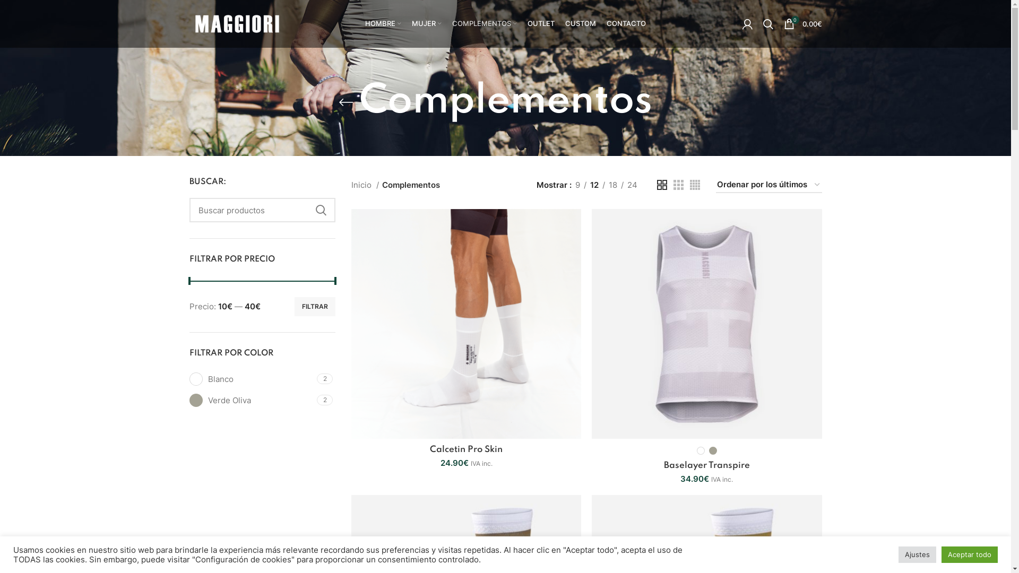 This screenshot has width=1019, height=573. Describe the element at coordinates (446, 24) in the screenshot. I see `'COMPLEMENTOS'` at that location.